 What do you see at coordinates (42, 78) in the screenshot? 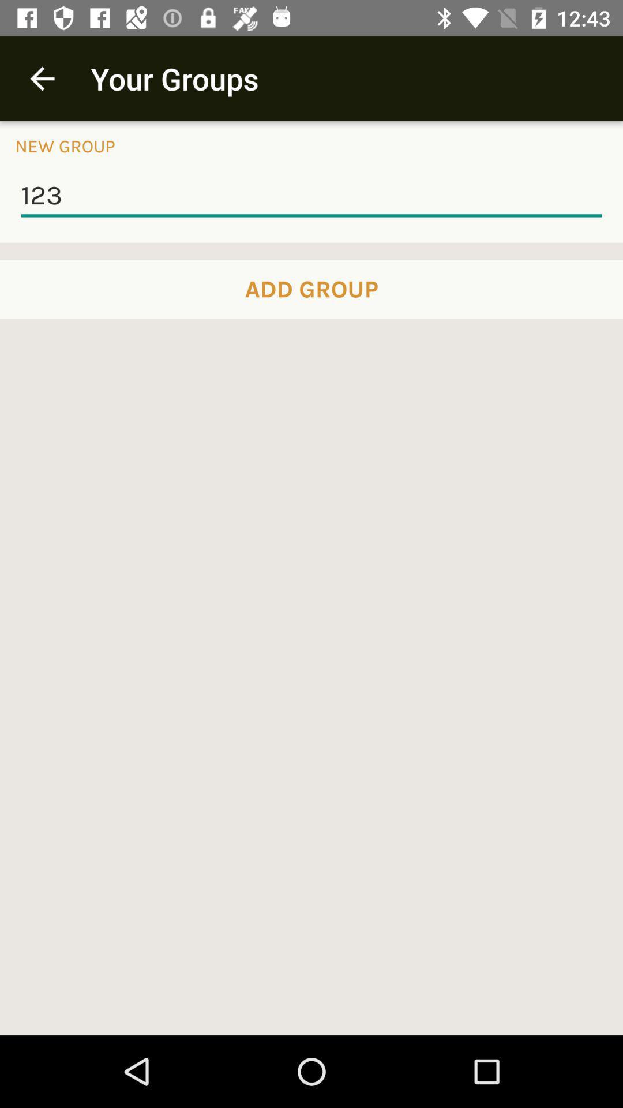
I see `icon to the left of the your groups app` at bounding box center [42, 78].